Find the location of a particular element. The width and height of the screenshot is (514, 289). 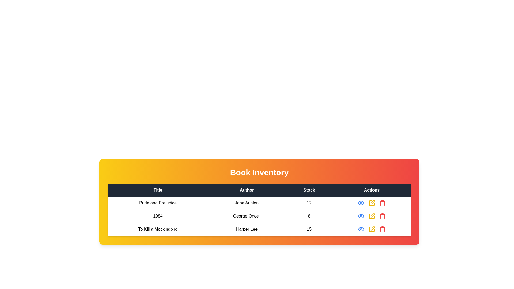

the interactive icons in the Action panel for the 'Pride and Prejudice' entry, located in the fourth cell of the Actions column is located at coordinates (372, 203).